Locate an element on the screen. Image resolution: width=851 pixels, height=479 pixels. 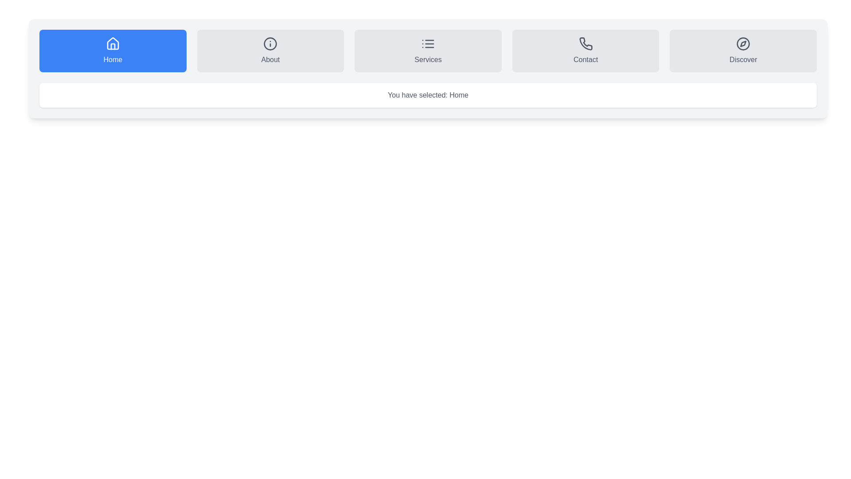
the 'Discover' SVG Icon located at the top center of the navigation button on the far right of the navigation bar is located at coordinates (743, 44).